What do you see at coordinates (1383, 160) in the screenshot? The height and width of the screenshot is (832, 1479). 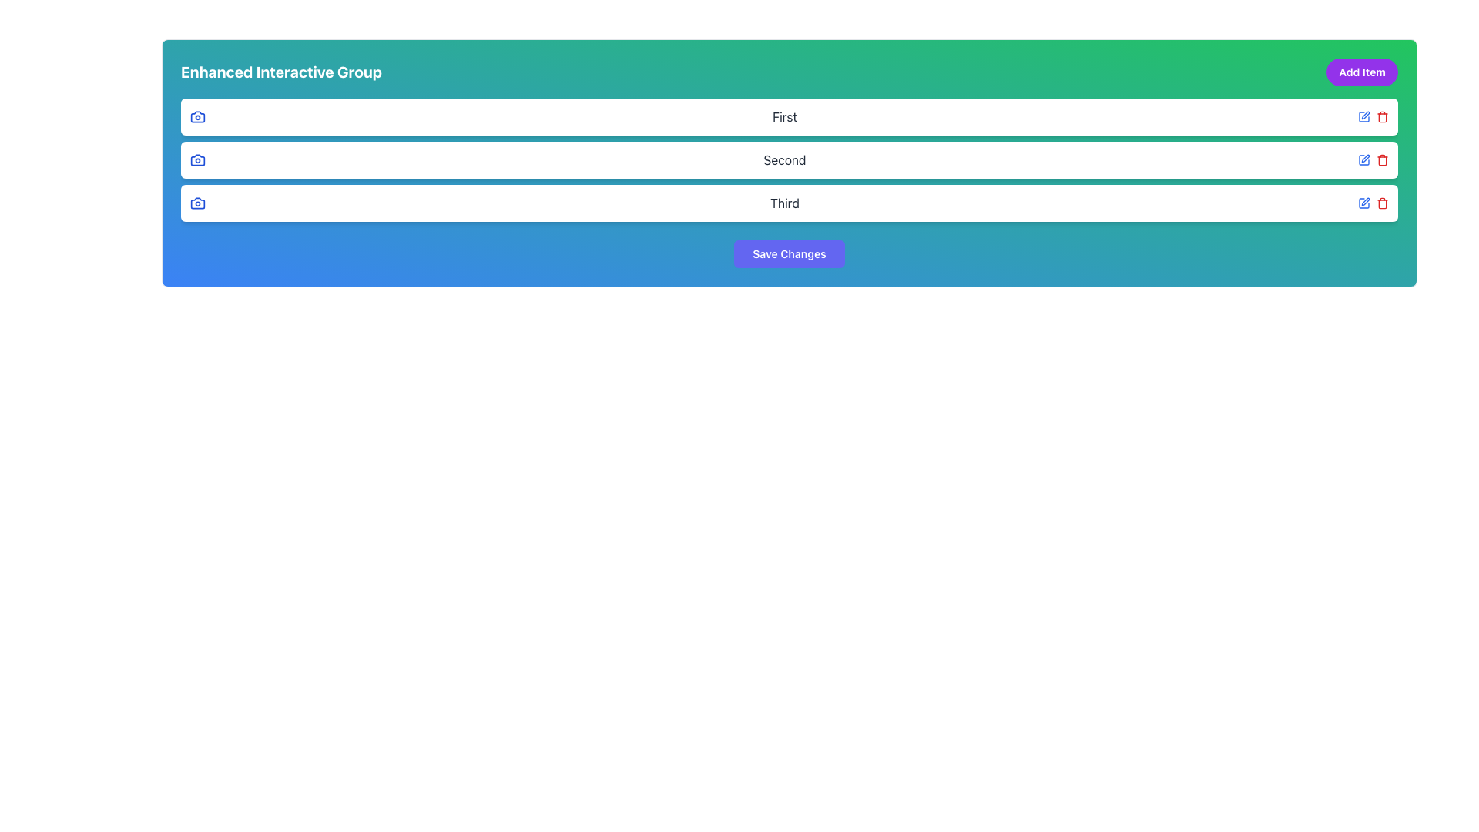 I see `the trash icon element, which is a graphical icon resembling a garbage bin located at the right end of the row` at bounding box center [1383, 160].